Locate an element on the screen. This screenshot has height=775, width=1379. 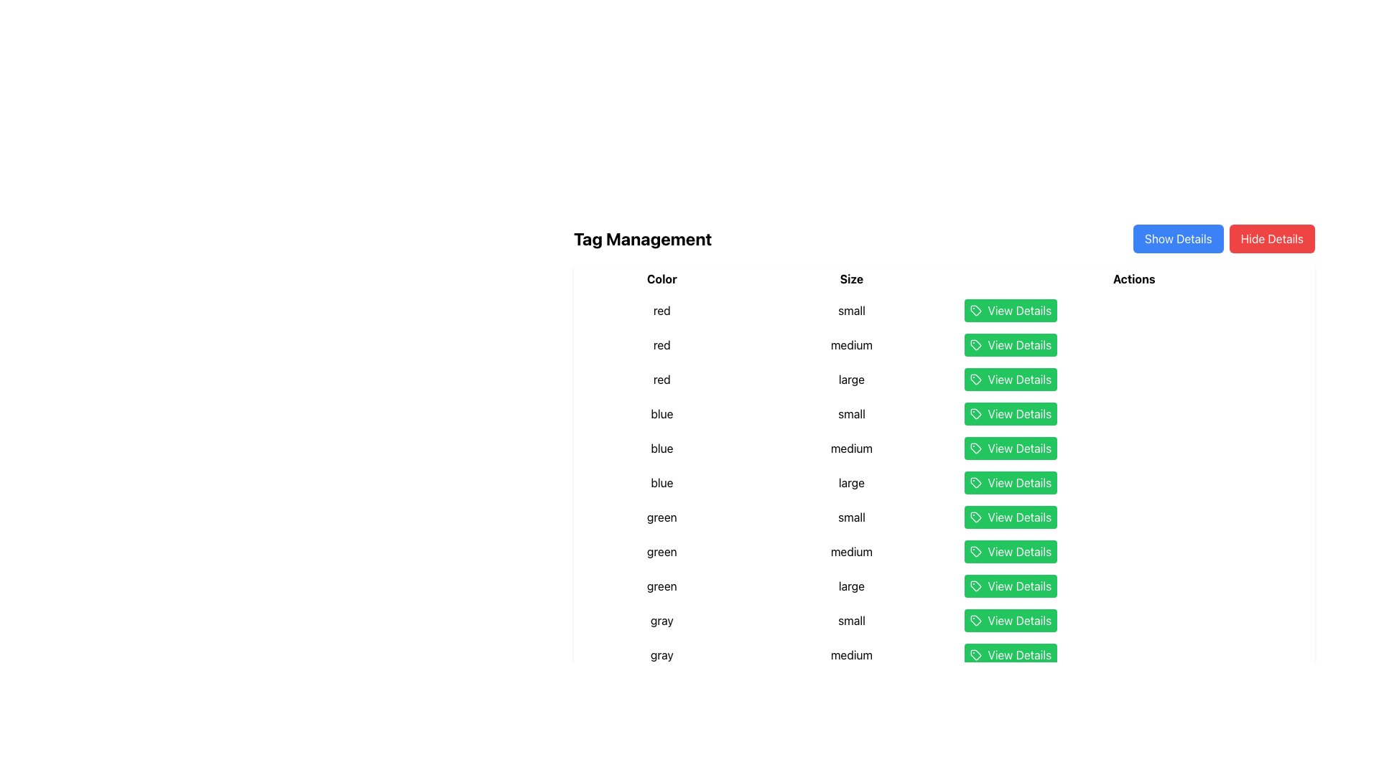
the text element containing the word 'large' in black, which is the second size option in the table layout, following 'green' in the 'Color' column is located at coordinates (851, 586).